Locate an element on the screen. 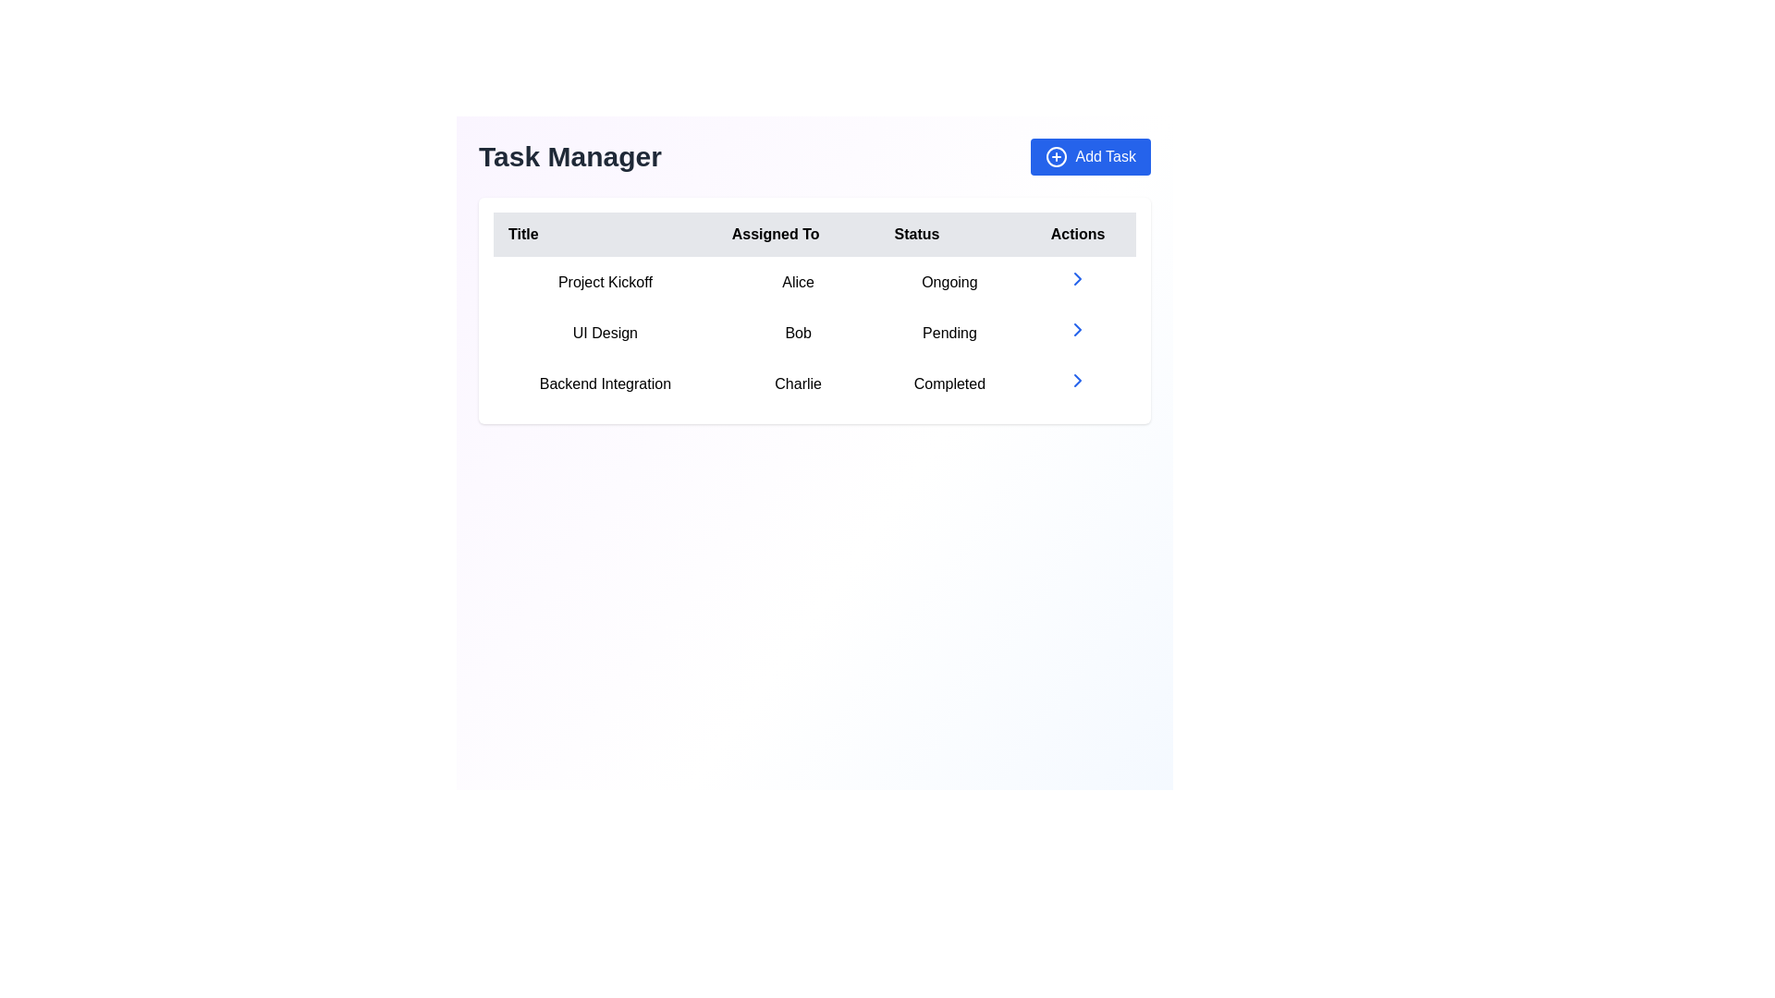  the 'Add Task' button located at the top-right corner of the 'Task Manager' header to observe its interactive styling is located at coordinates (1091, 155).